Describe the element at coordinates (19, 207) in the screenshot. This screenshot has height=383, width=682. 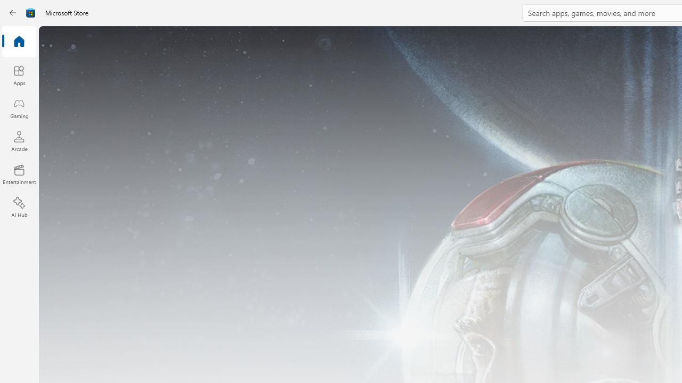
I see `'AI Hub'` at that location.